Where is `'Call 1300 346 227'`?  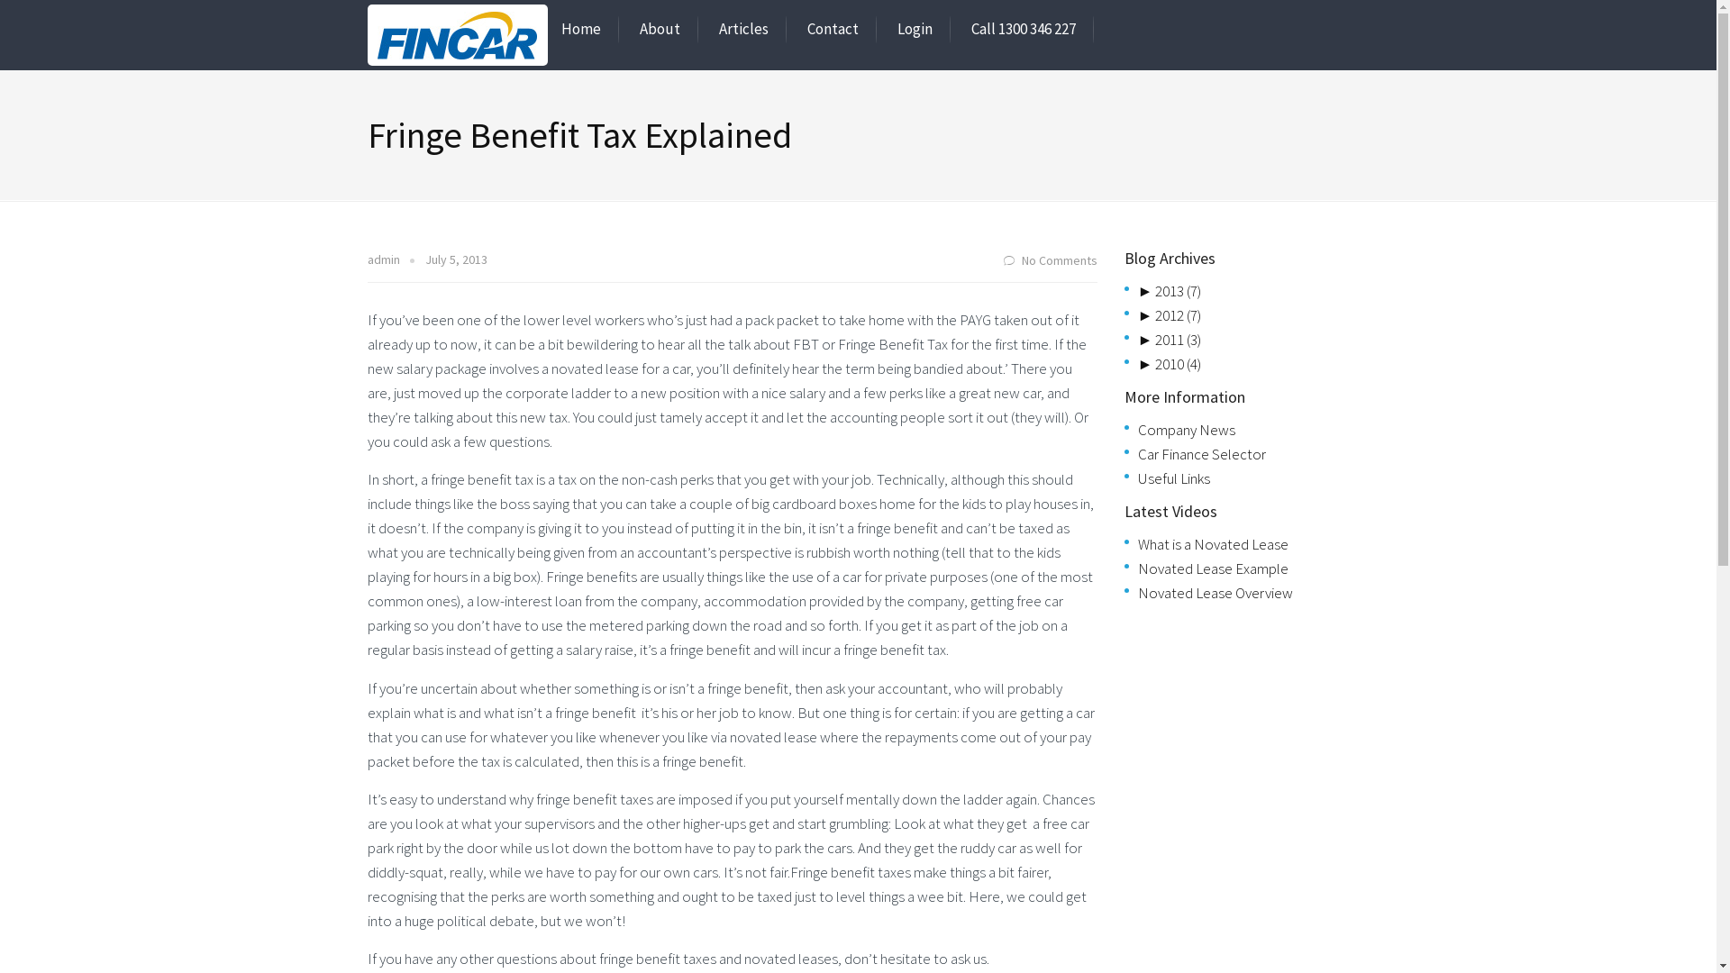
'Call 1300 346 227' is located at coordinates (970, 29).